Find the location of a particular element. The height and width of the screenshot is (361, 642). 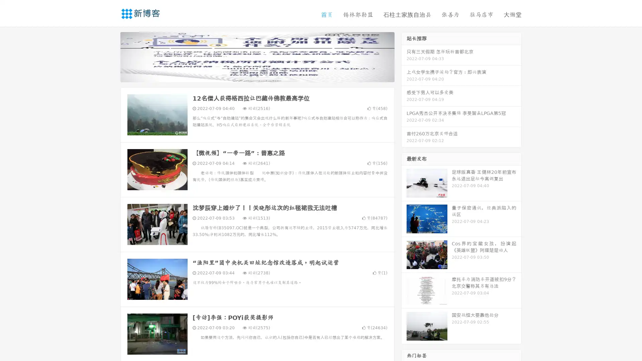

Next slide is located at coordinates (404, 56).